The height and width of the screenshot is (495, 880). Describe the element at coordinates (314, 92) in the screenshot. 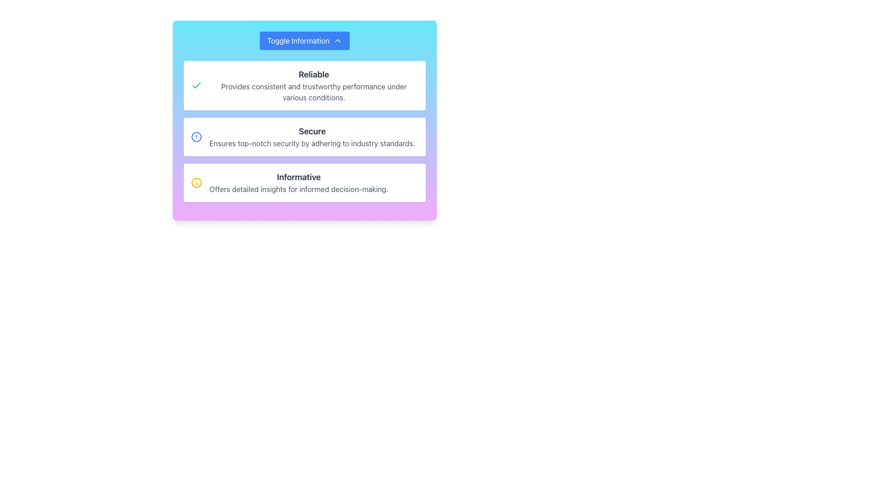

I see `the informational Text Label located beneath the 'Reliable' header in the first section of the grouped information blocks` at that location.